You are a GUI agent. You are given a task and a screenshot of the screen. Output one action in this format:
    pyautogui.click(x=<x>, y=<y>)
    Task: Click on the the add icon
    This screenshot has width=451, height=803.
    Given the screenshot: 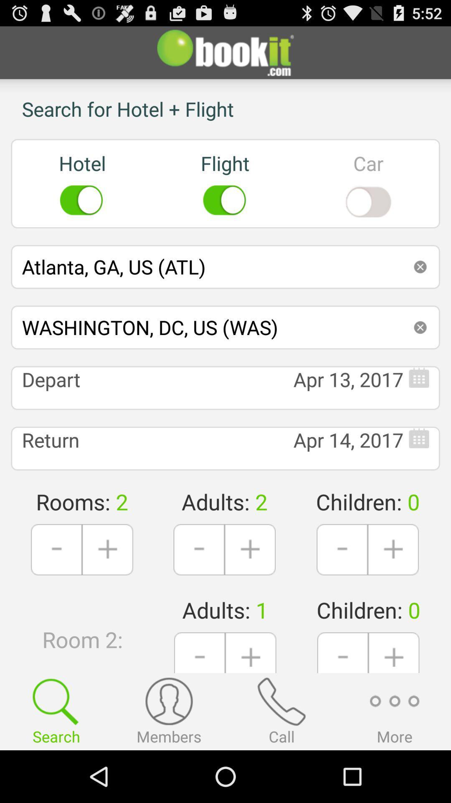 What is the action you would take?
    pyautogui.click(x=250, y=698)
    